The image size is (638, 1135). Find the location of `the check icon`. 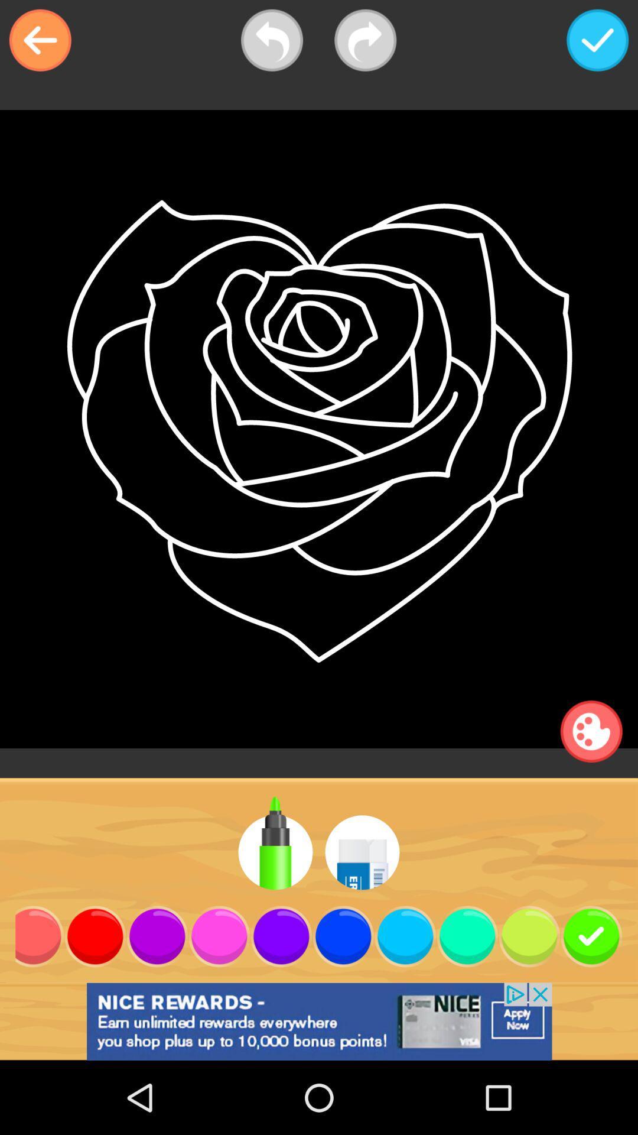

the check icon is located at coordinates (597, 40).